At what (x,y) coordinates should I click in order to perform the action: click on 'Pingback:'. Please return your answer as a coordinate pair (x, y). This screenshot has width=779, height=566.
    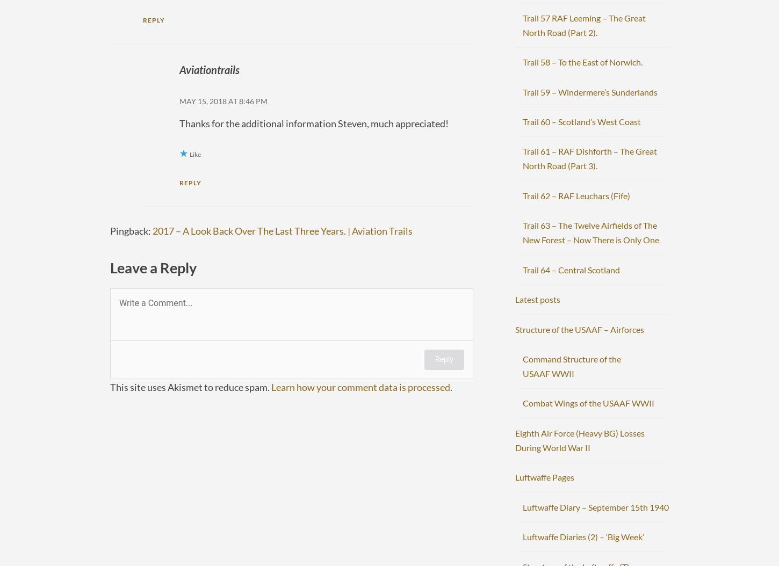
    Looking at the image, I should click on (131, 231).